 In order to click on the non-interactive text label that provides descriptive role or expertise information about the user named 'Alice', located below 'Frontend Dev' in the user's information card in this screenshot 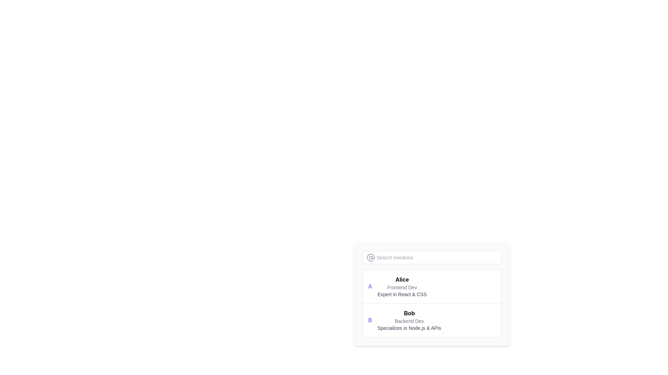, I will do `click(402, 294)`.